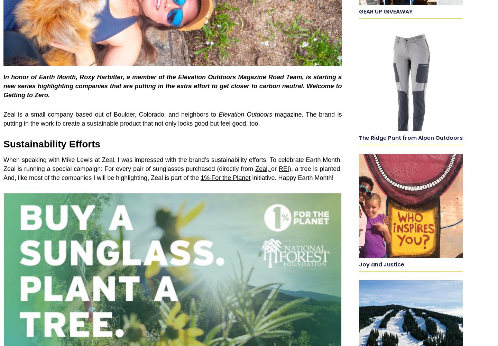 Image resolution: width=498 pixels, height=346 pixels. What do you see at coordinates (275, 169) in the screenshot?
I see `'or'` at bounding box center [275, 169].